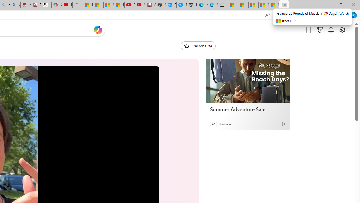  Describe the element at coordinates (327, 5) in the screenshot. I see `'Minimize'` at that location.